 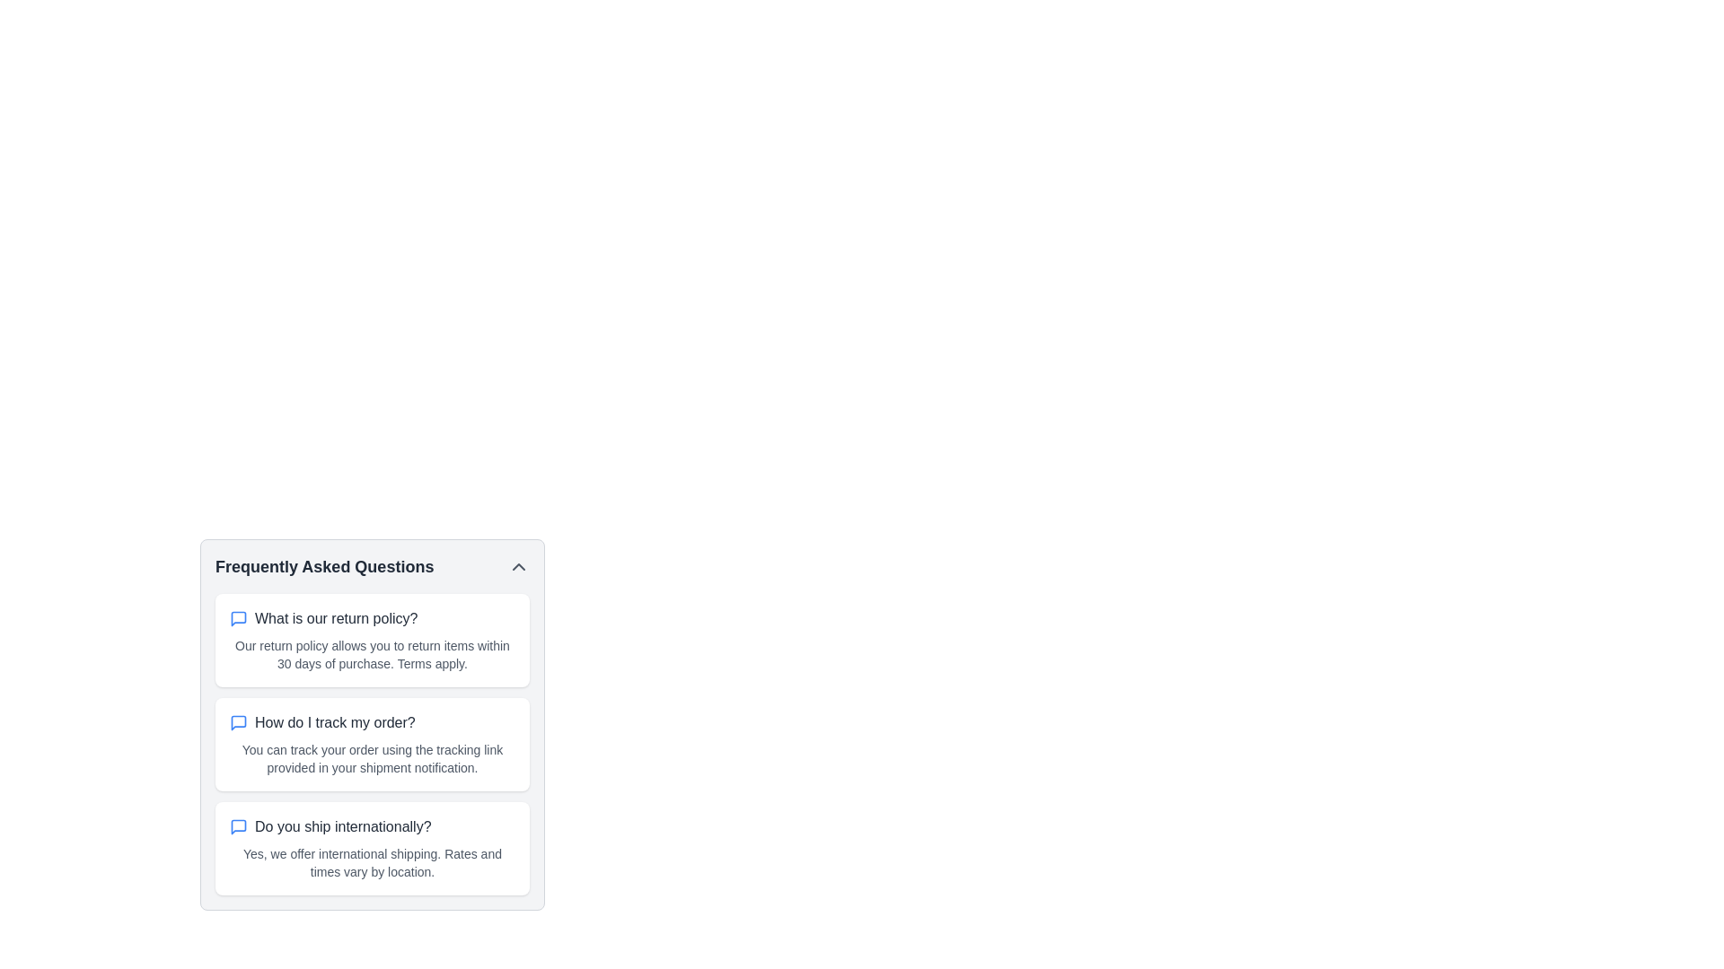 I want to click on text content about the return policy which is styled in smaller gray font, located below the question 'What is our return policy?' in a card within the FAQ section, so click(x=371, y=654).